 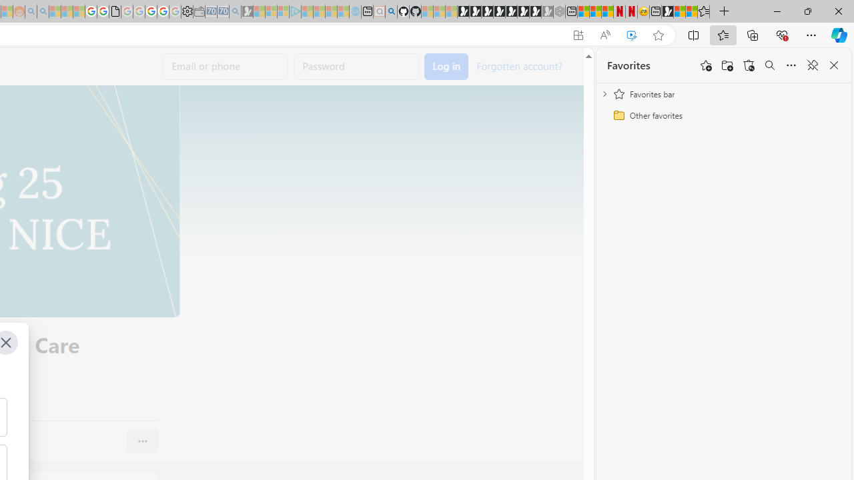 I want to click on 'App available. Install Facebook', so click(x=578, y=35).